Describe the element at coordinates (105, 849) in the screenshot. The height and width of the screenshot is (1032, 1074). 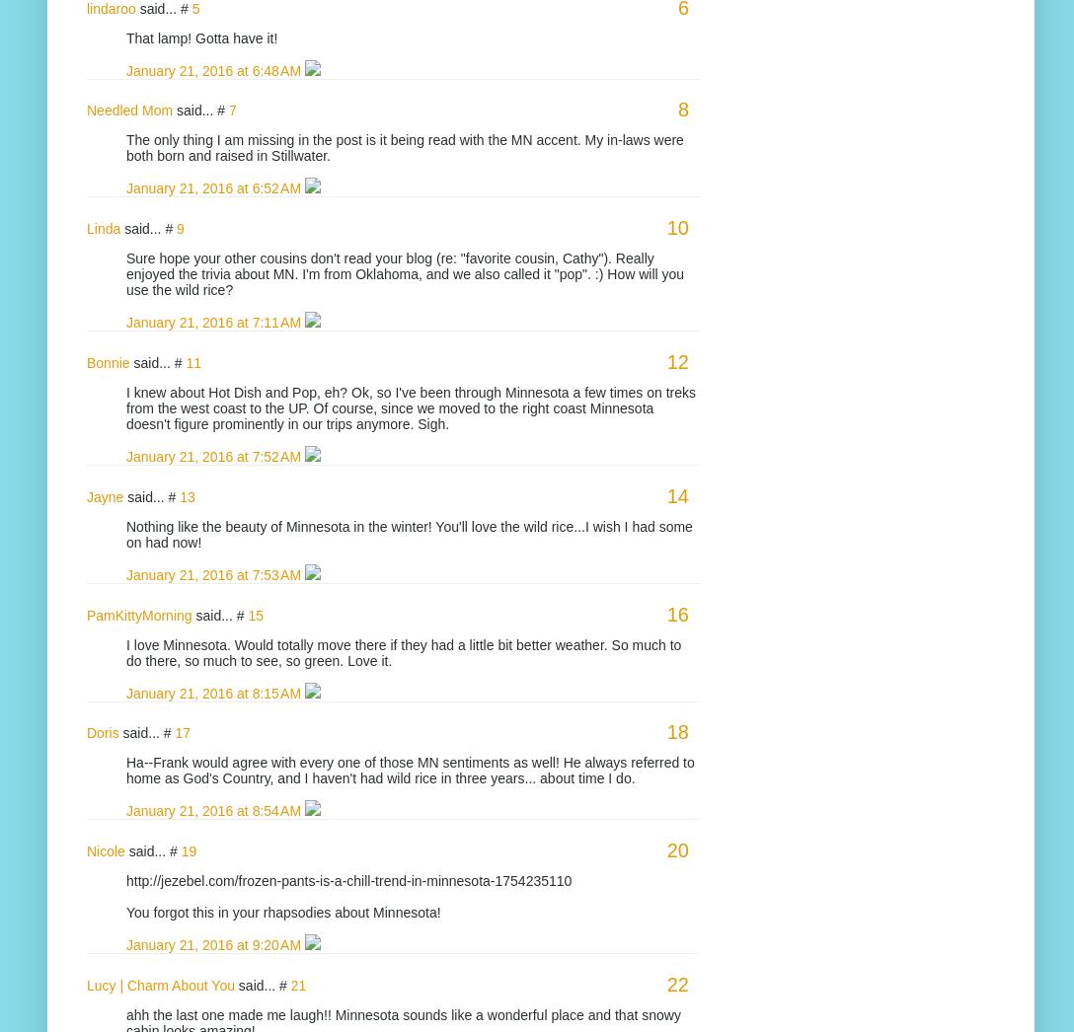
I see `'Nicole'` at that location.